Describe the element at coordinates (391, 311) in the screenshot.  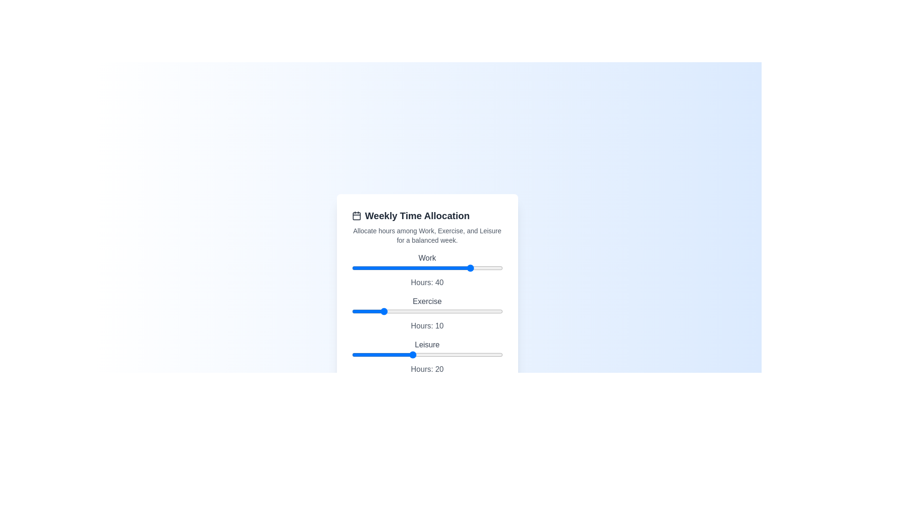
I see `the 'Exercise' slider to 13 hours` at that location.